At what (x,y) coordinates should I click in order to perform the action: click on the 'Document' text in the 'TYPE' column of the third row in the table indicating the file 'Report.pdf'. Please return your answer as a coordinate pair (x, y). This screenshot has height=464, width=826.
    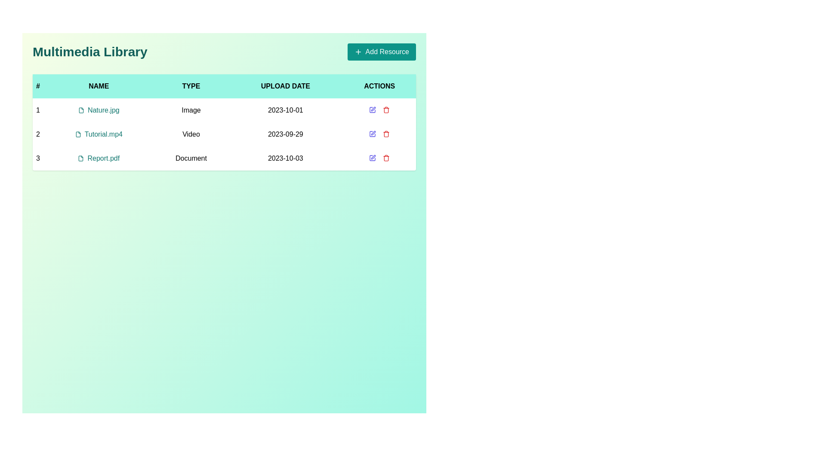
    Looking at the image, I should click on (191, 159).